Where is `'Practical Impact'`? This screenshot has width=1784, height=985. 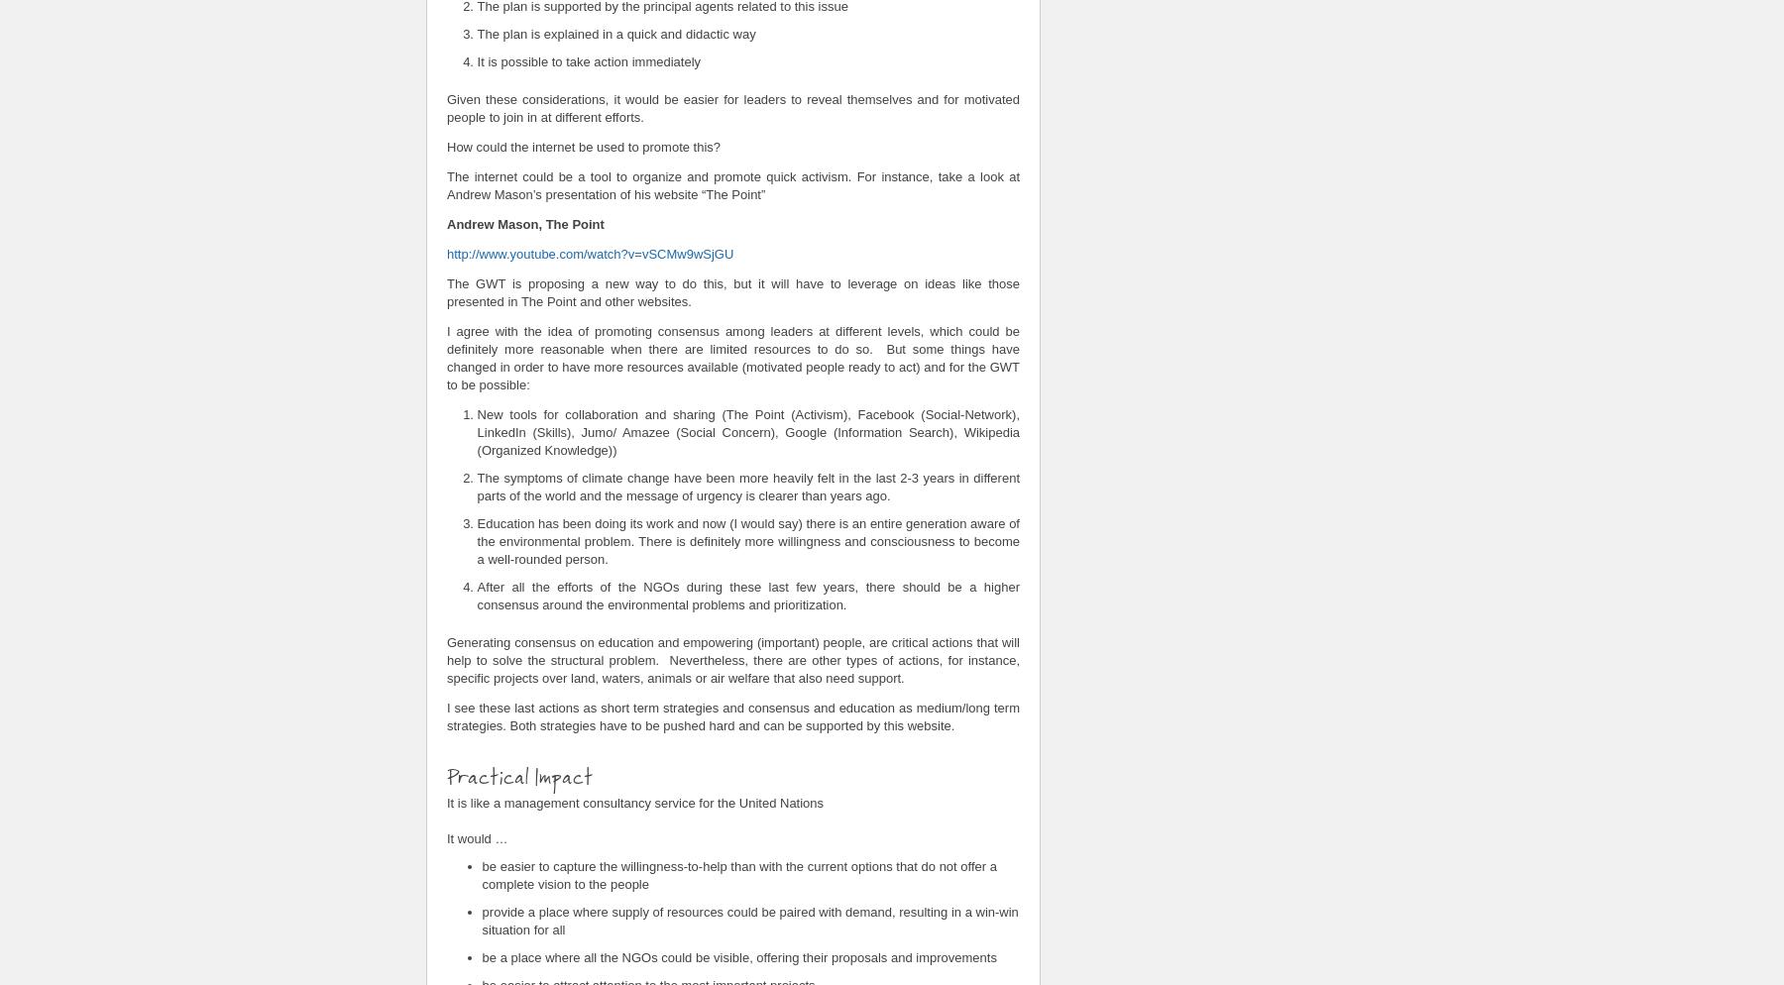 'Practical Impact' is located at coordinates (521, 774).